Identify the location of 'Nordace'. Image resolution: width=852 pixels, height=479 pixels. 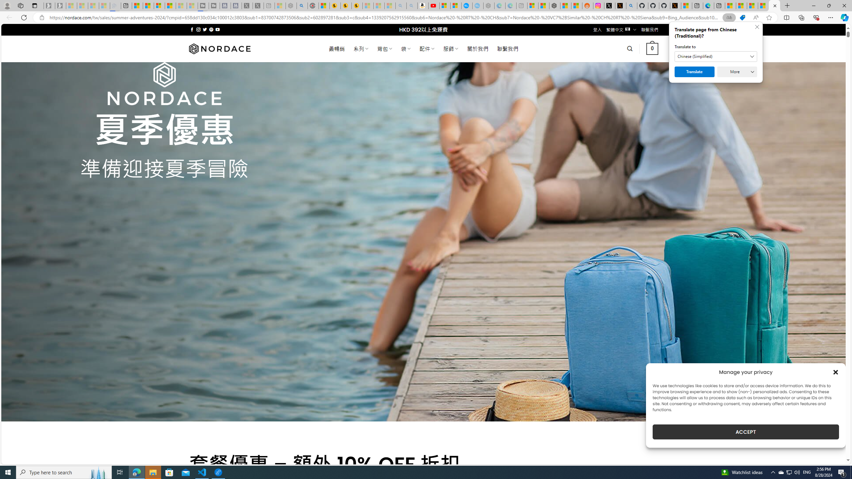
(219, 48).